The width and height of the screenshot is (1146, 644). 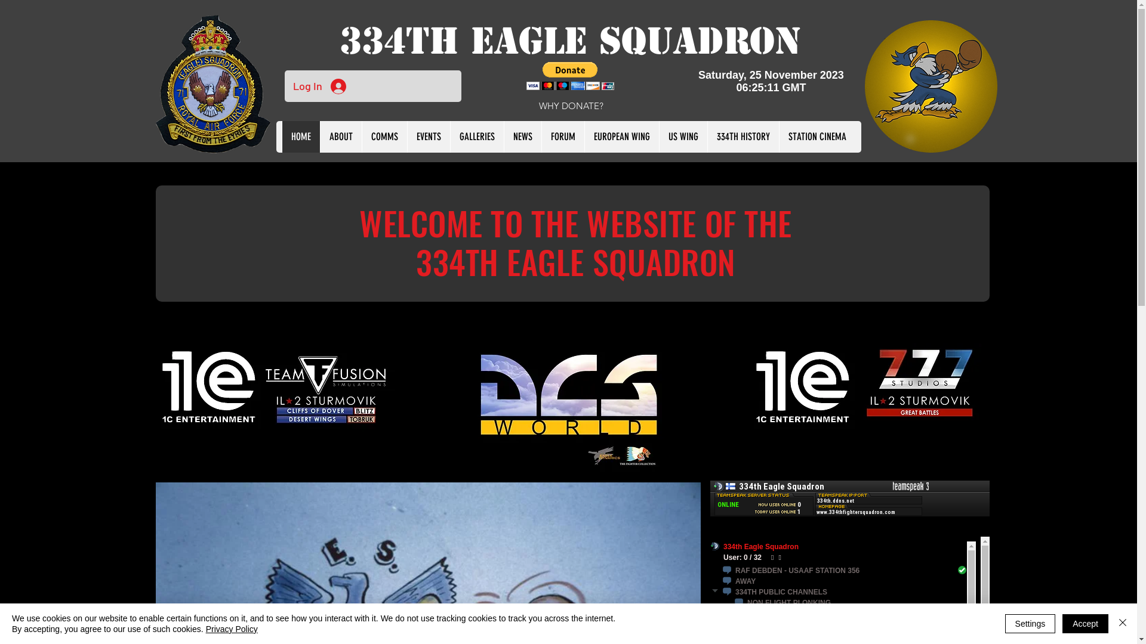 What do you see at coordinates (562, 136) in the screenshot?
I see `'FORUM'` at bounding box center [562, 136].